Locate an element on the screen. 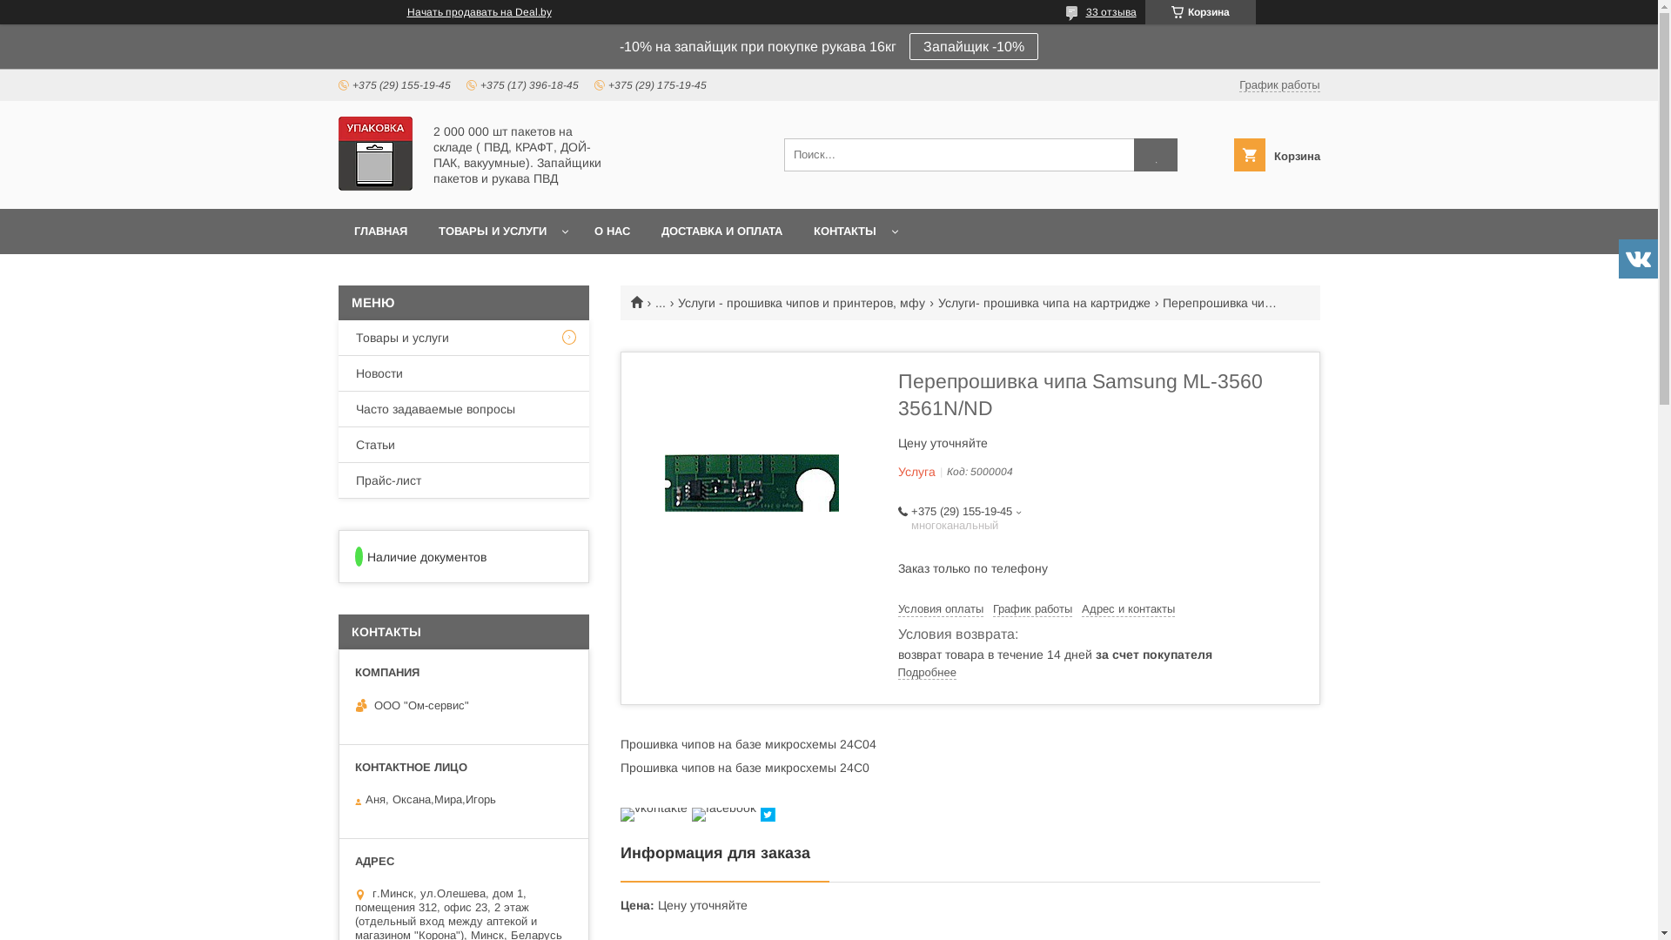 The width and height of the screenshot is (1671, 940). 'facebook' is located at coordinates (722, 808).